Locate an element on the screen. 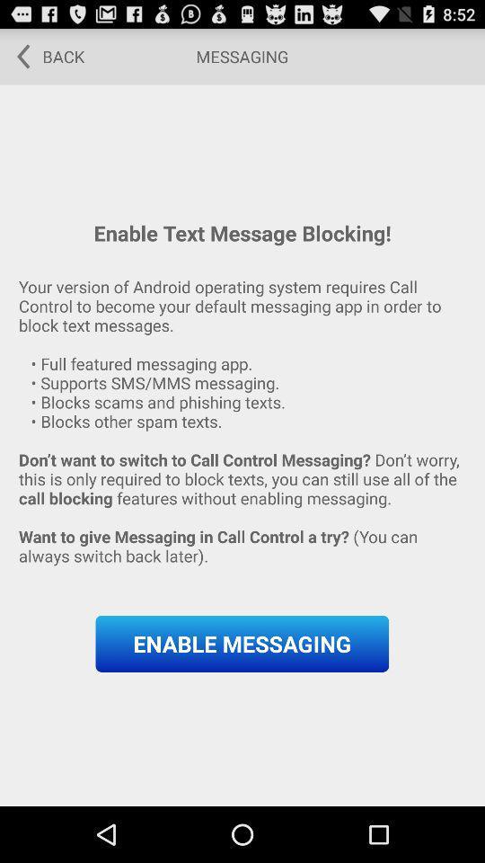 The height and width of the screenshot is (863, 485). icon at the top left corner is located at coordinates (44, 56).